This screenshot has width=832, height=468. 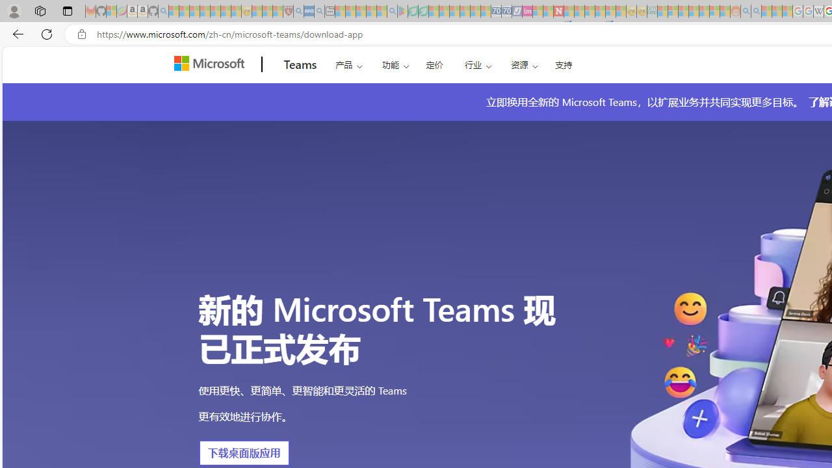 What do you see at coordinates (391, 11) in the screenshot?
I see `'google - Search - Sleeping'` at bounding box center [391, 11].